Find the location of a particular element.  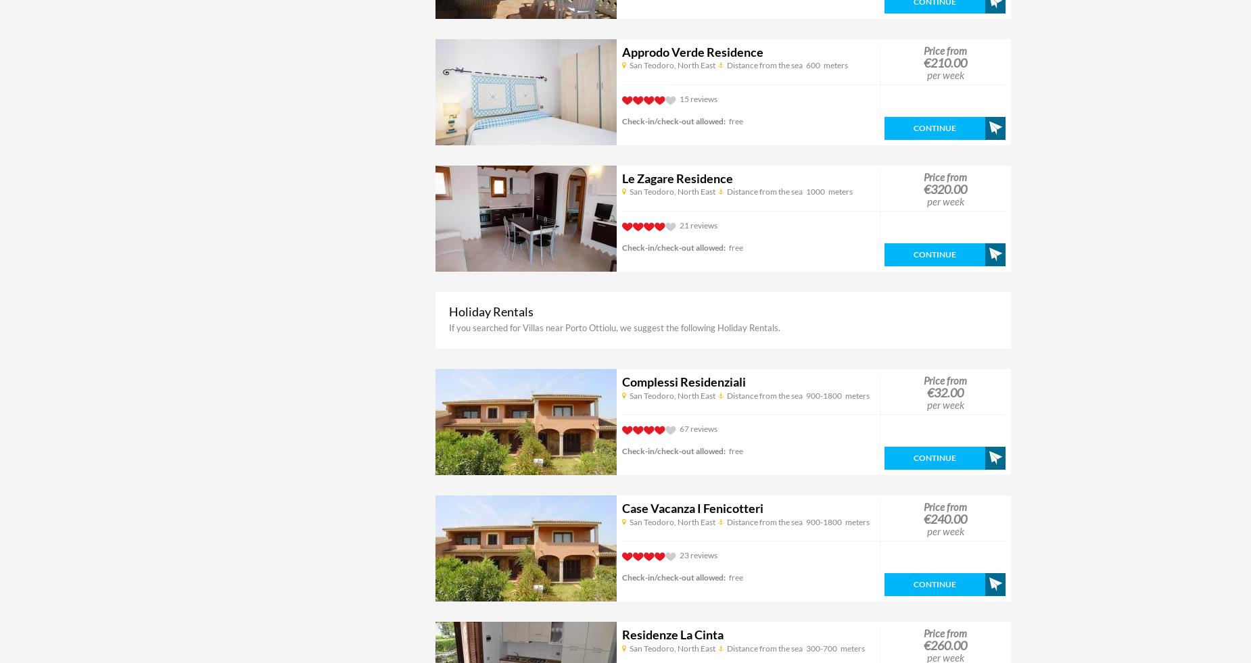

'€32.00' is located at coordinates (945, 393).